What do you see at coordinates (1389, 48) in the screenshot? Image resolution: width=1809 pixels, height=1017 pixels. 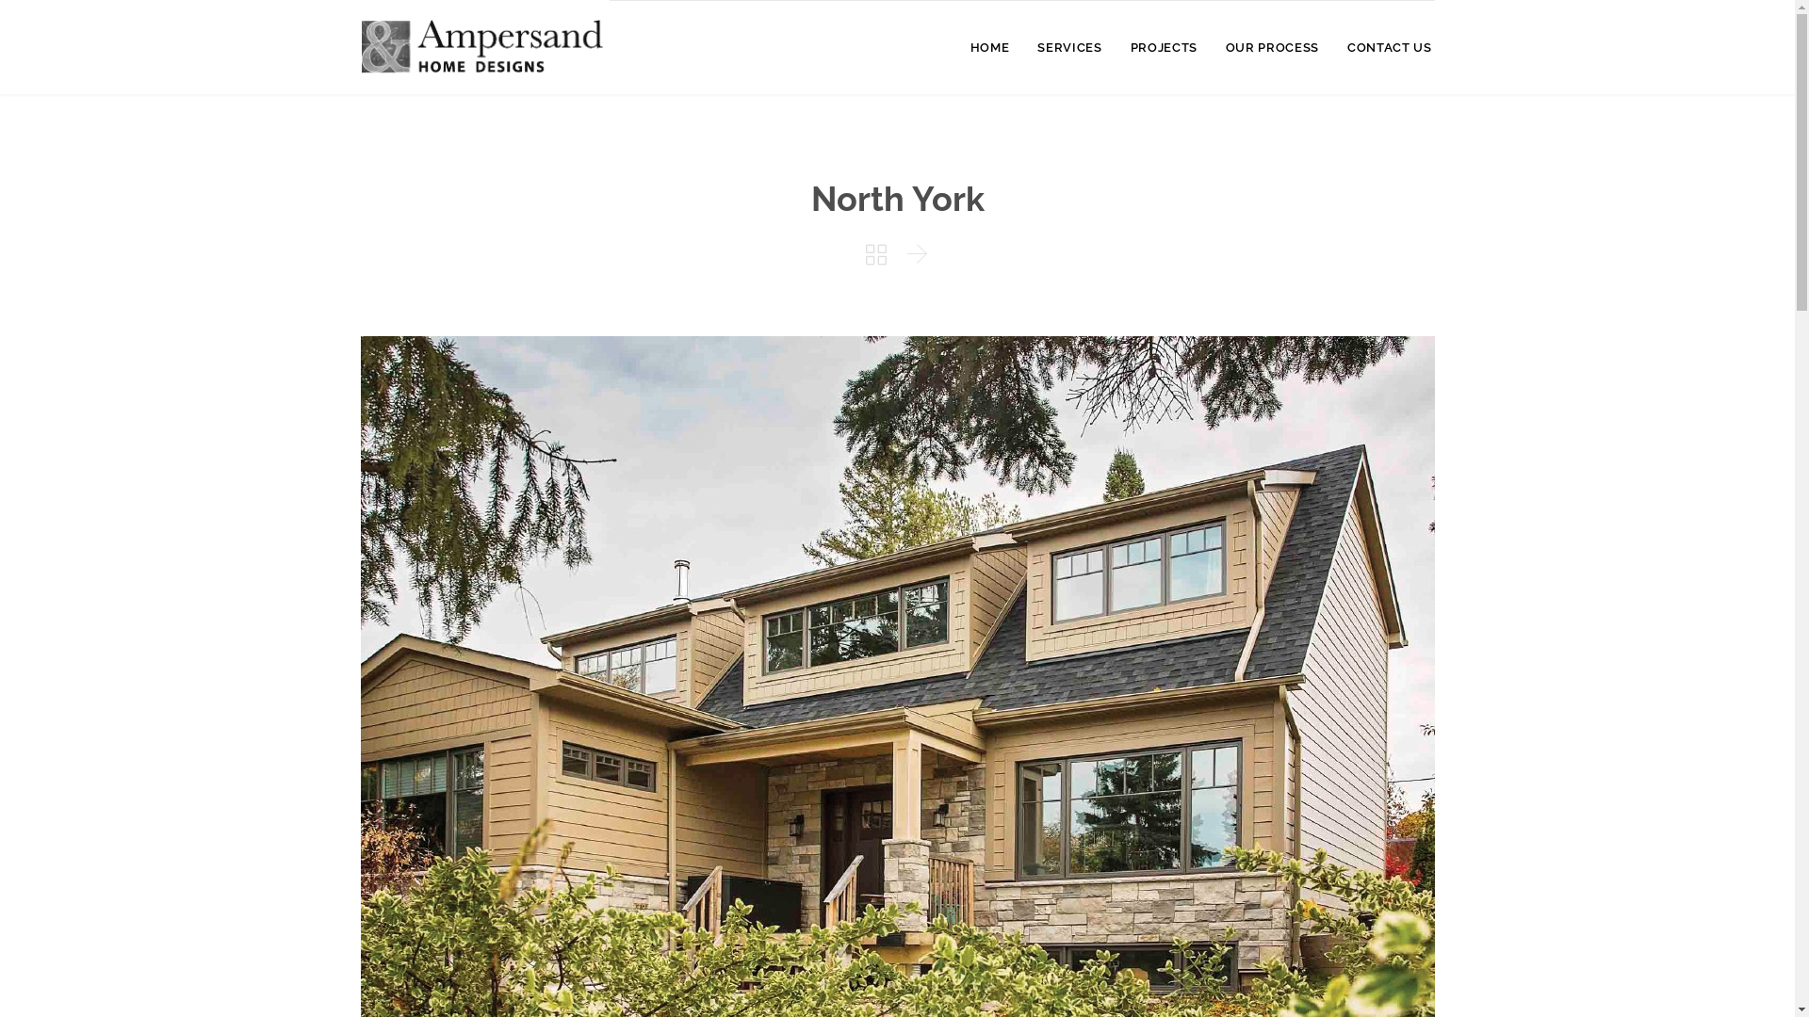 I see `'CONTACT US'` at bounding box center [1389, 48].